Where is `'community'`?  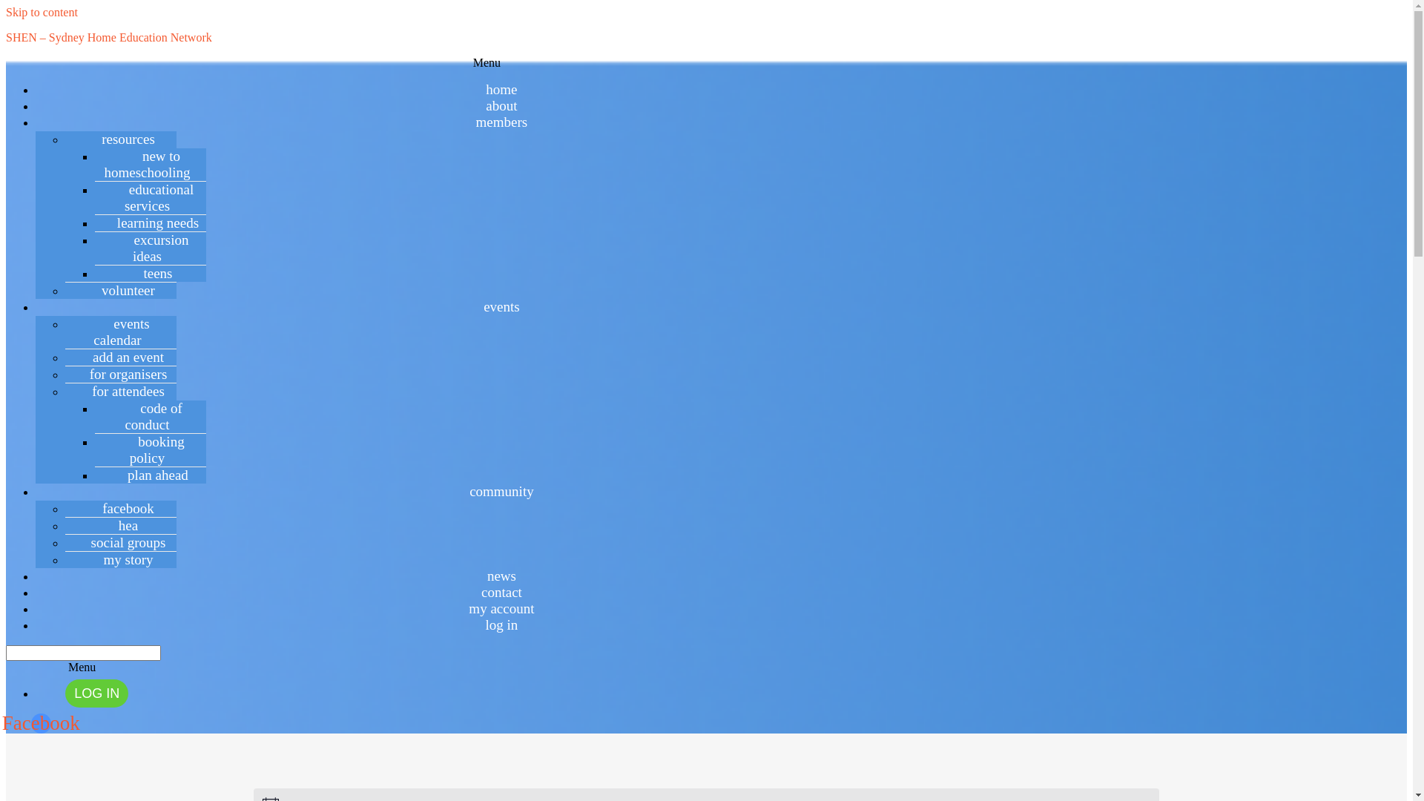 'community' is located at coordinates (501, 491).